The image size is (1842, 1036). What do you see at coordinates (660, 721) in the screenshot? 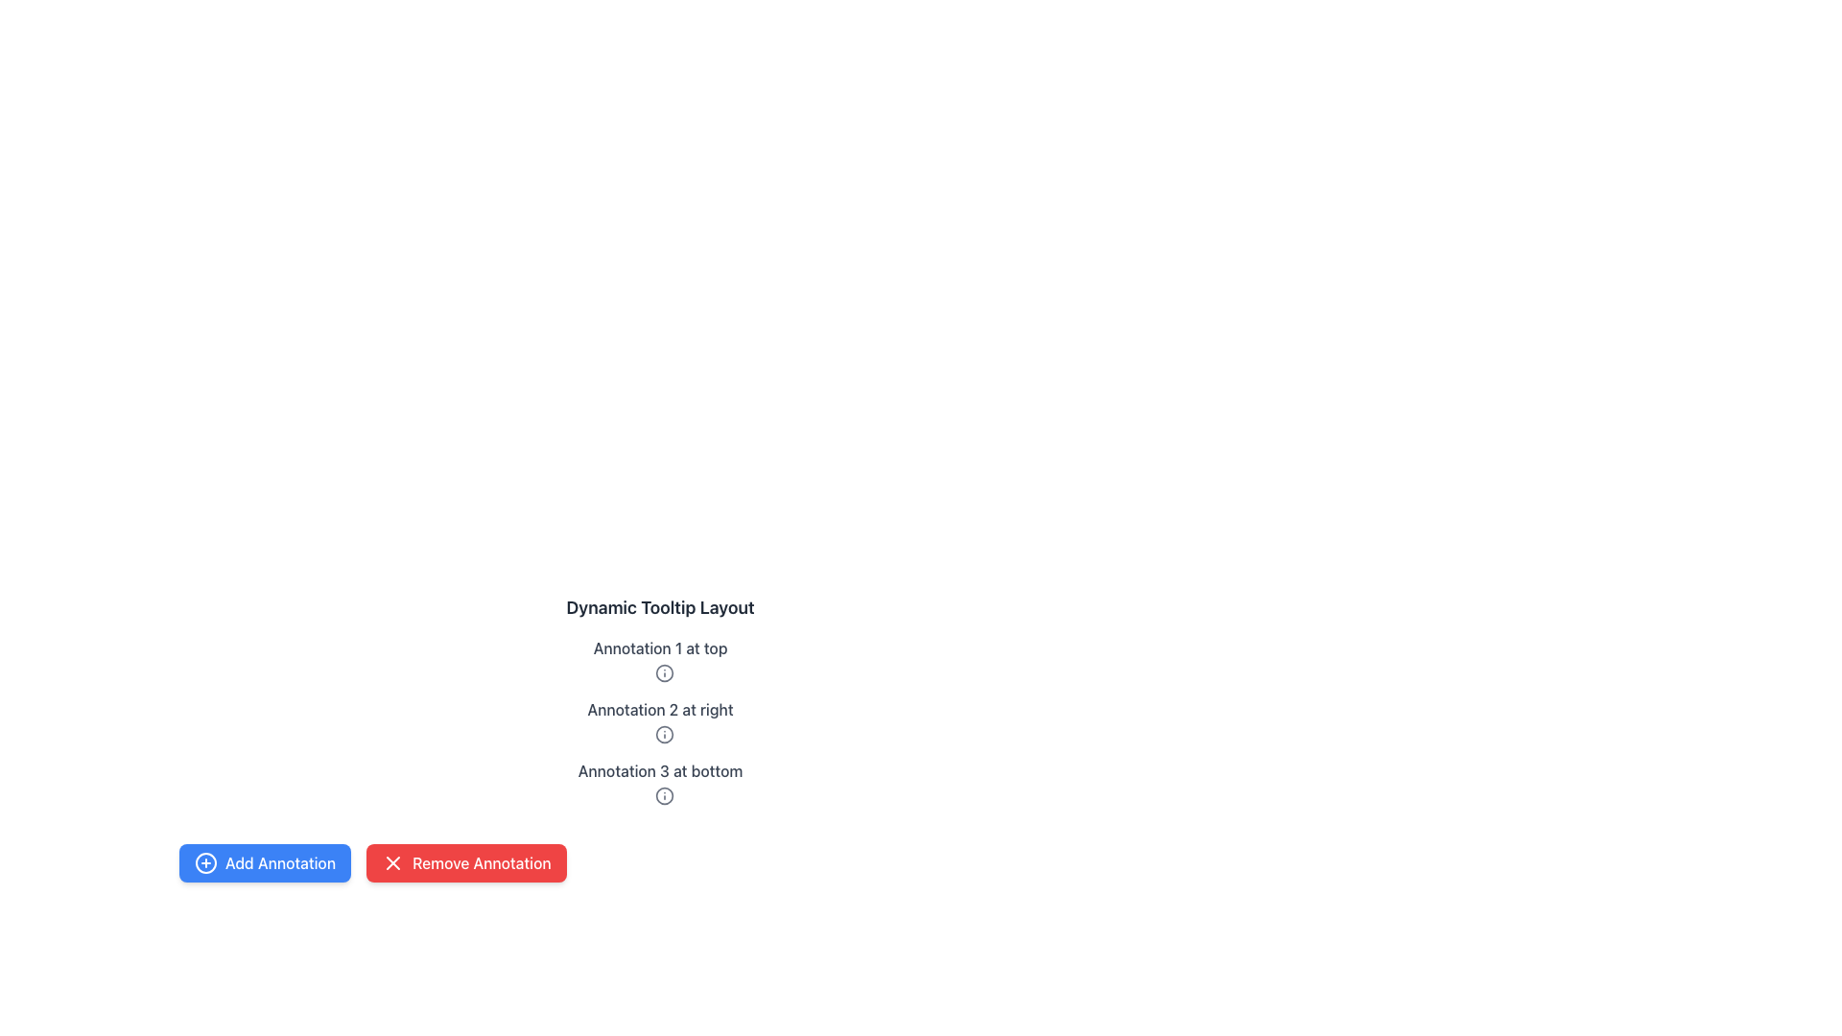
I see `the Tooltip-enabled info icon located between 'Annotation 1 at top' and 'Annotation 3 at bottom'` at bounding box center [660, 721].